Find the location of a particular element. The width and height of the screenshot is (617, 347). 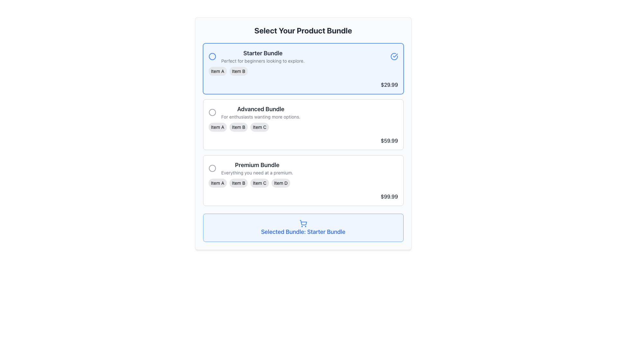

the circular SVG shape that serves as the Starter Bundle's indicator, outlined in blue and located in the Starter Bundle section is located at coordinates (212, 56).